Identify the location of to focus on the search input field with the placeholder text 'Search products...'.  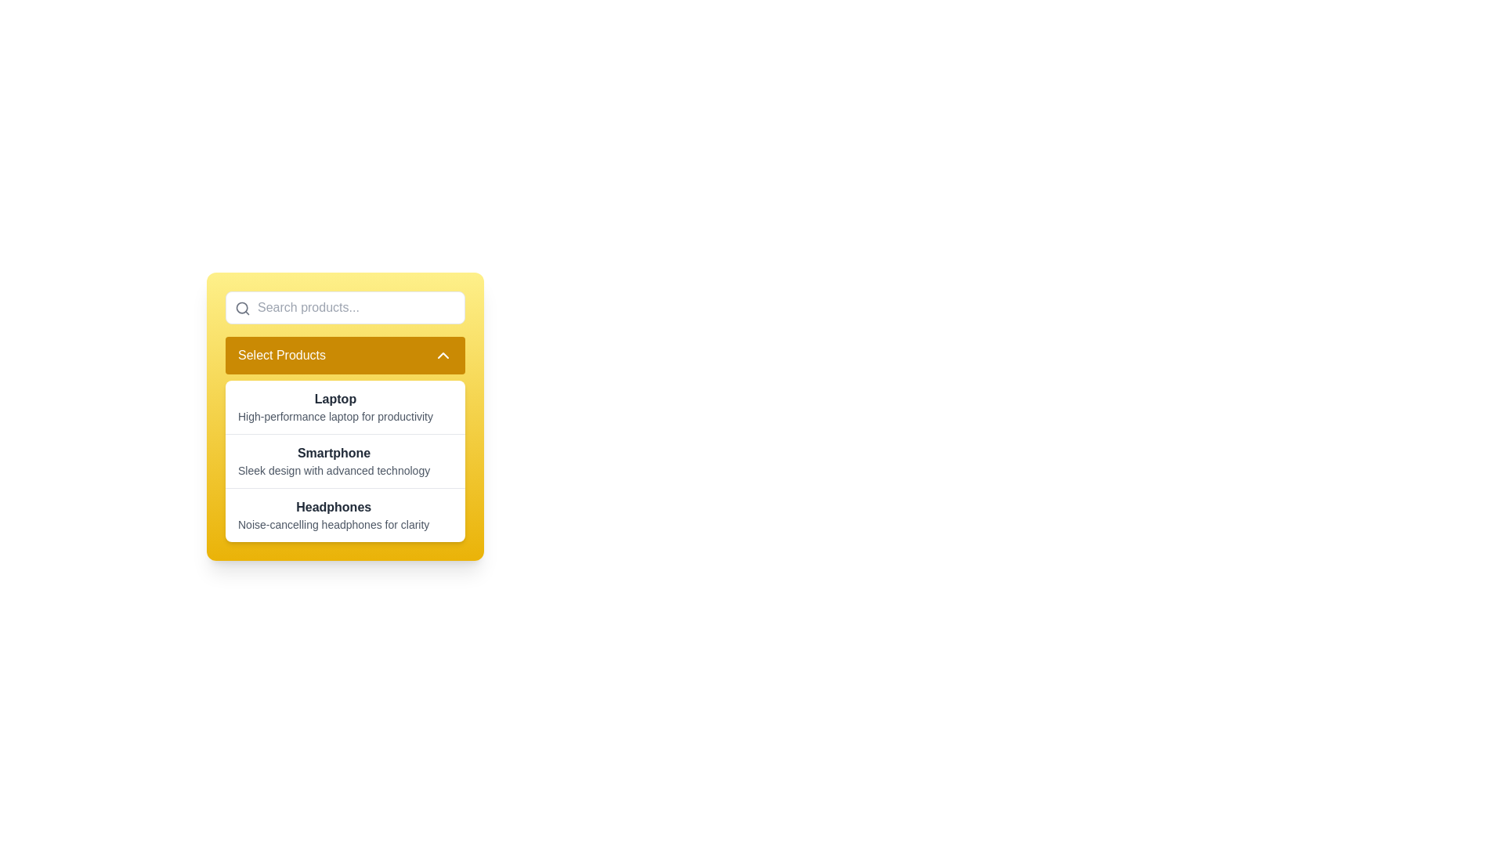
(345, 308).